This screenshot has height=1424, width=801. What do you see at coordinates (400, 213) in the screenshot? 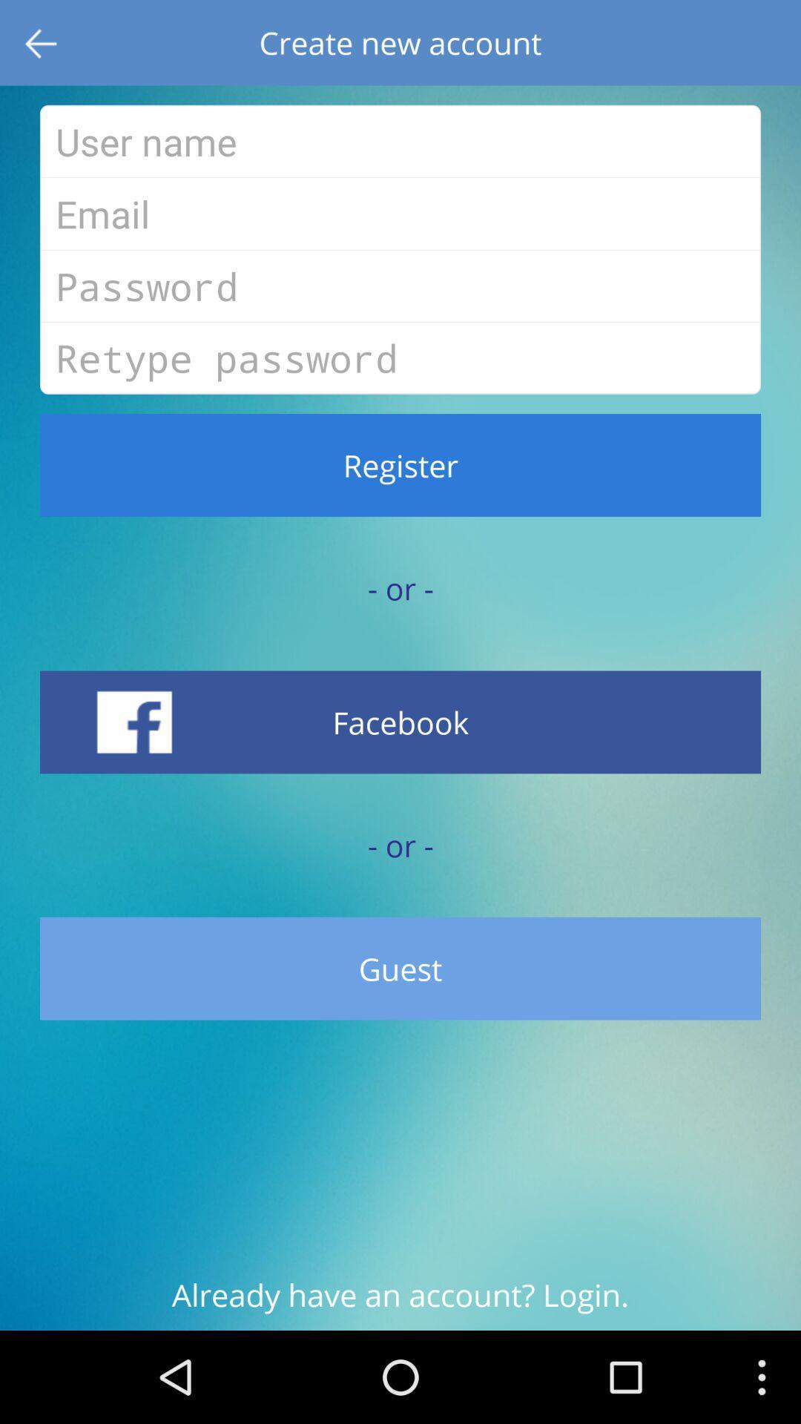
I see `the text bar below the user name` at bounding box center [400, 213].